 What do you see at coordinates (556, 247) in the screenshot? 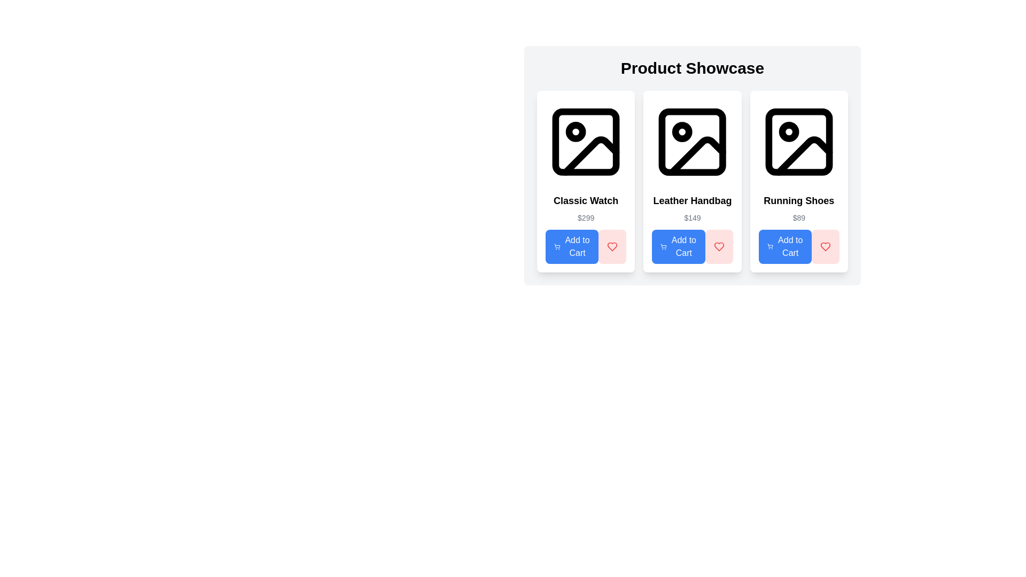
I see `the 'Add to Cart' icon located to the left of the 'Add to Cart' text for the 'Classic Watch' product` at bounding box center [556, 247].